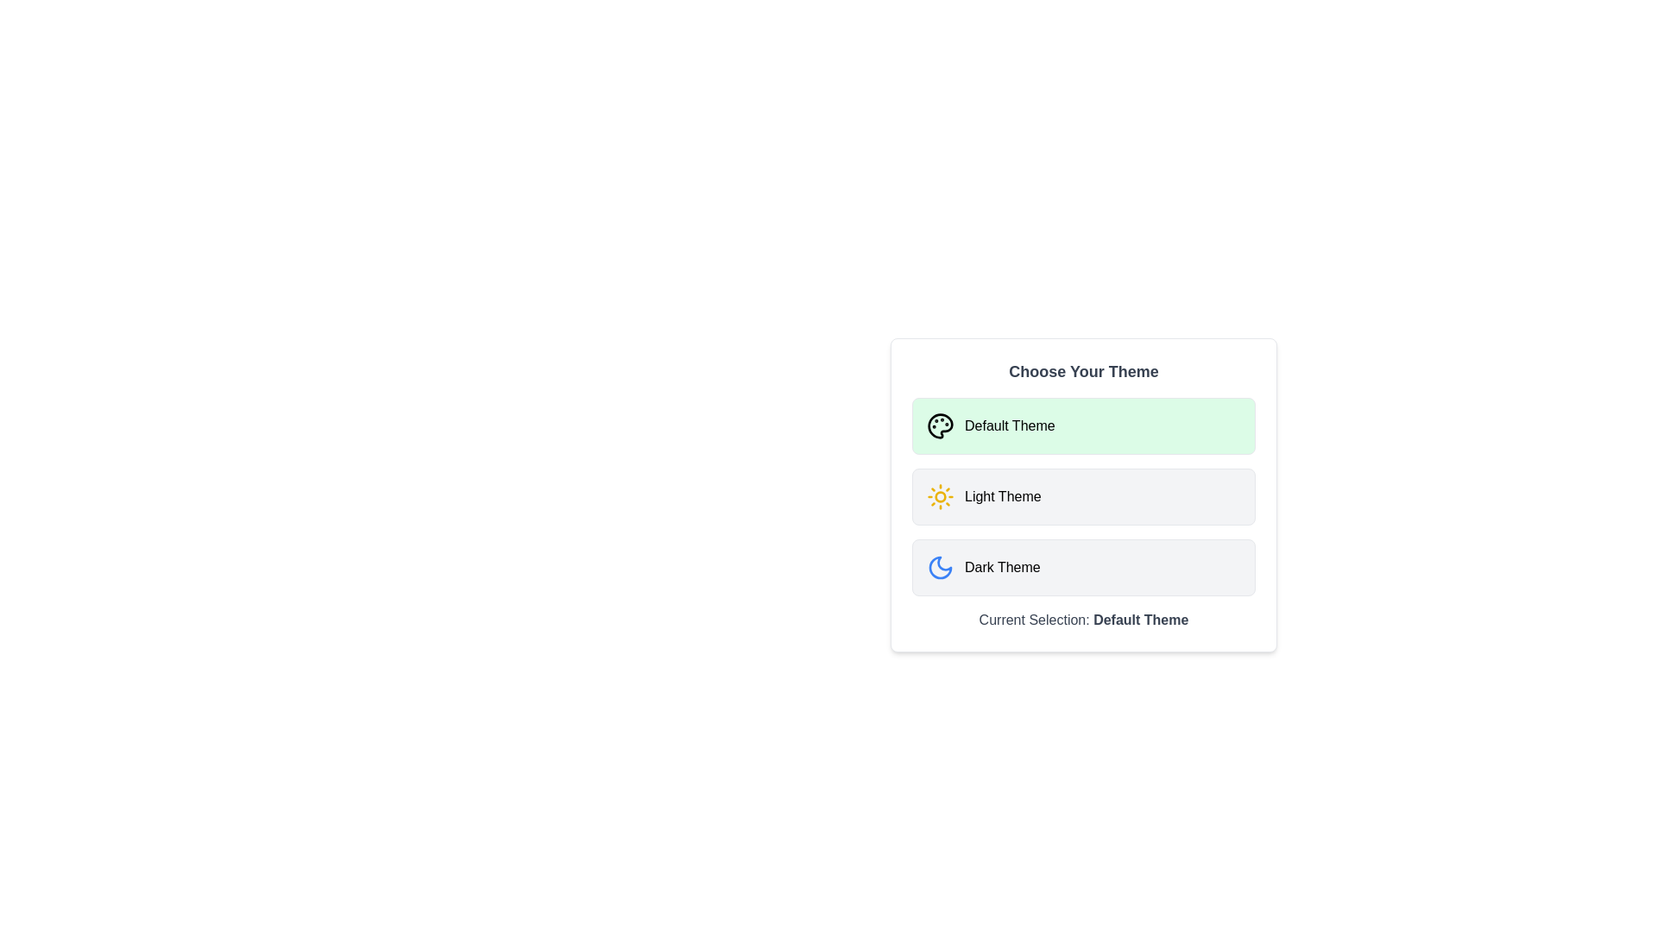 The width and height of the screenshot is (1657, 932). Describe the element at coordinates (939, 425) in the screenshot. I see `the icon for the Default theme` at that location.